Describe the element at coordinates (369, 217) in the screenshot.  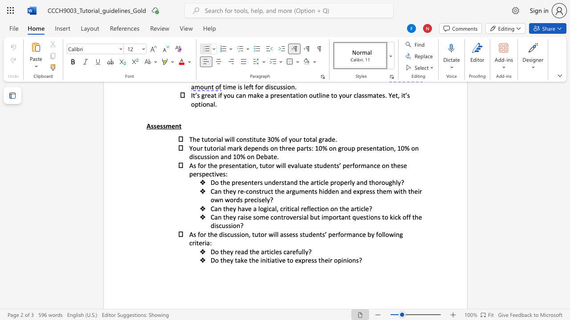
I see `the 4th character "i" in the text` at that location.